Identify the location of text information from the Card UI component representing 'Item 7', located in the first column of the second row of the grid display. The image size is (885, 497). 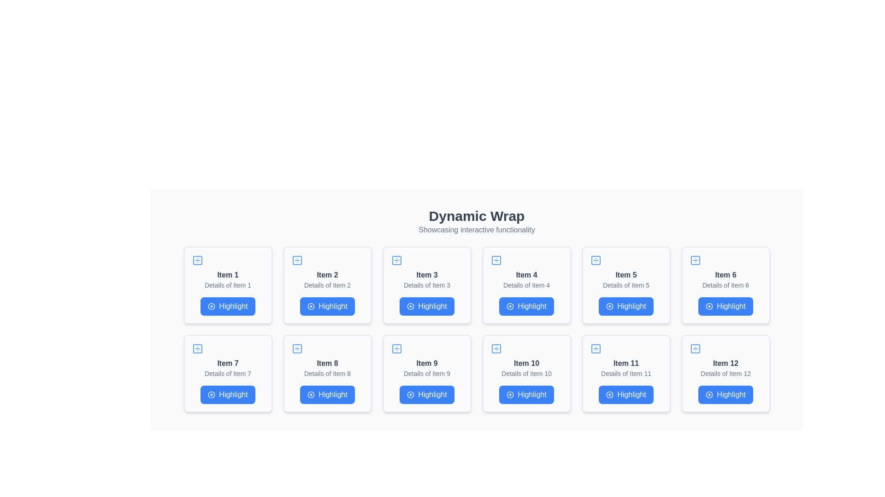
(228, 374).